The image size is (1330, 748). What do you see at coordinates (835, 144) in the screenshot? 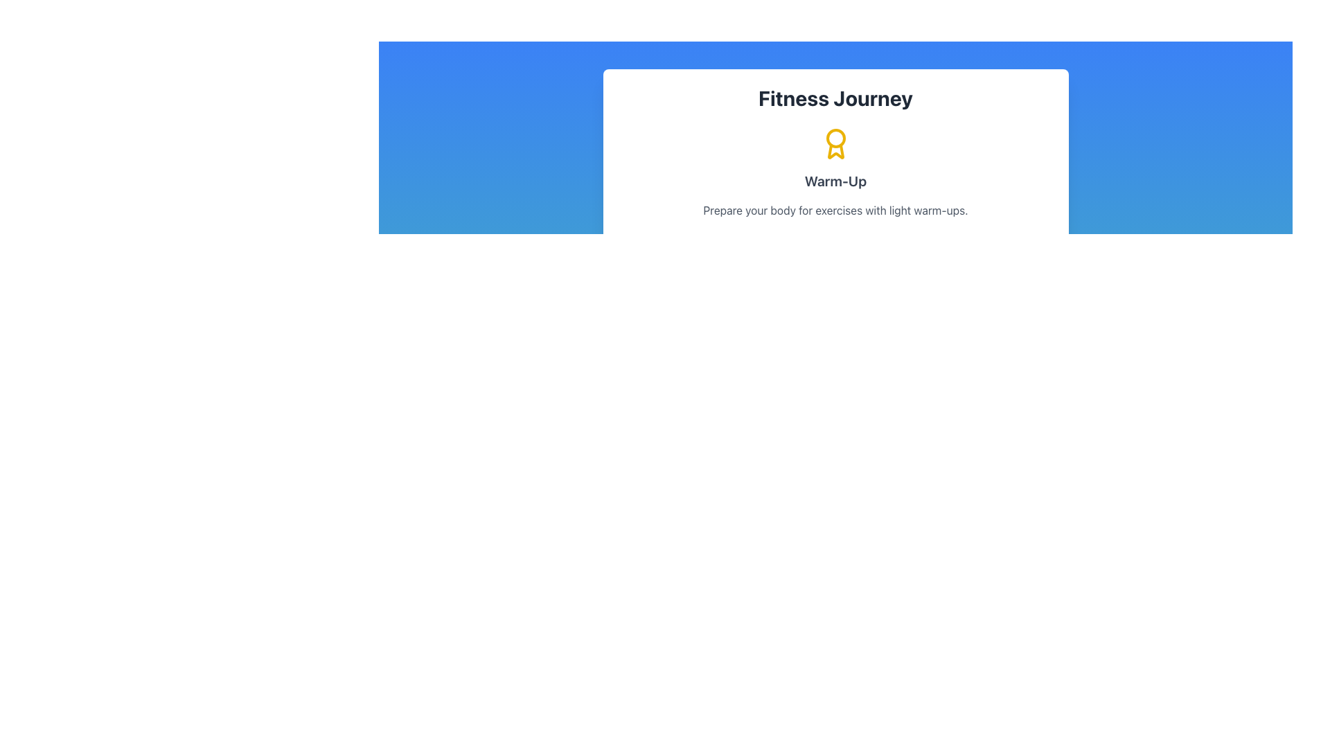
I see `the decorative icon representing the 'Warm-Up' section, which is centrally located above the title text and description` at bounding box center [835, 144].